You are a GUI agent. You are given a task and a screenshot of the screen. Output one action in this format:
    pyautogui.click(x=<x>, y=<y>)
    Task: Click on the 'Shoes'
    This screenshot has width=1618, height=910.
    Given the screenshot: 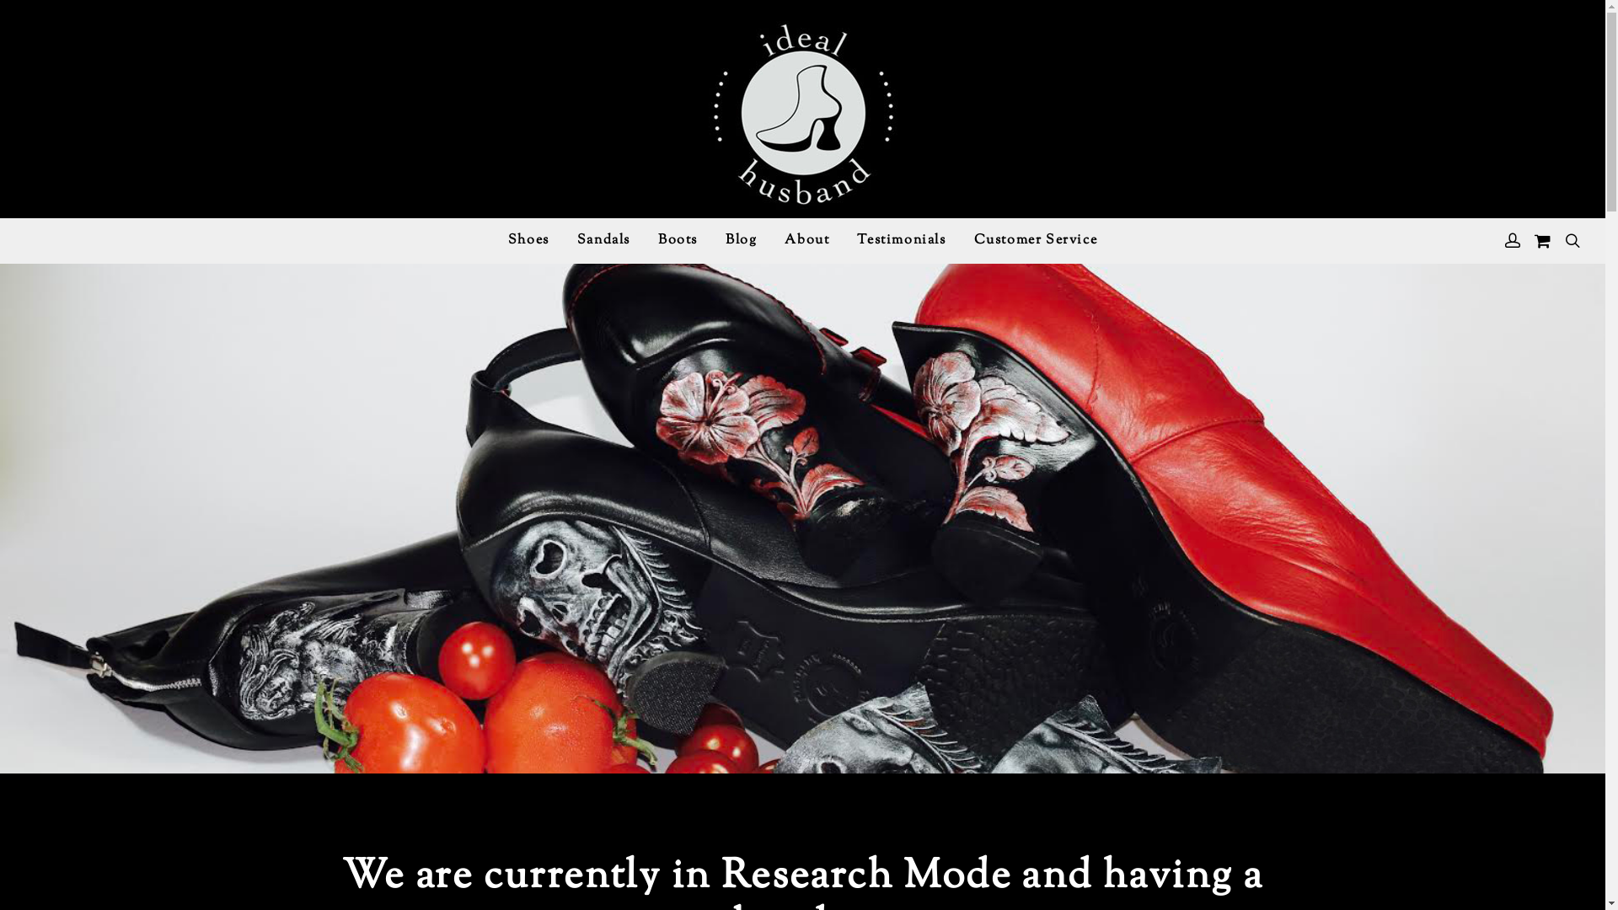 What is the action you would take?
    pyautogui.click(x=528, y=240)
    